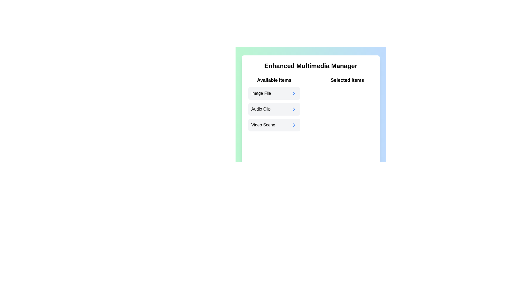 The height and width of the screenshot is (285, 507). Describe the element at coordinates (274, 93) in the screenshot. I see `the 'Image File' selectable card item located in the 'Available Items' section` at that location.